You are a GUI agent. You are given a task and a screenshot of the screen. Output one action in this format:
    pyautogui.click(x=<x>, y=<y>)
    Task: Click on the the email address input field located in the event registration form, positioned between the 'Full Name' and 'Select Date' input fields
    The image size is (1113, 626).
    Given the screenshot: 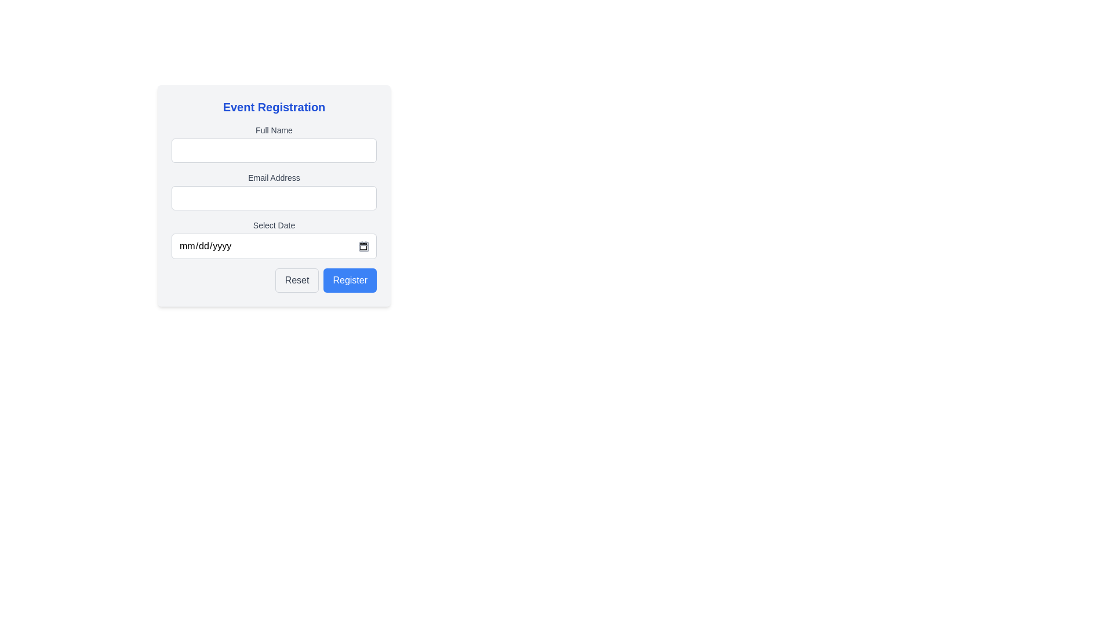 What is the action you would take?
    pyautogui.click(x=274, y=195)
    